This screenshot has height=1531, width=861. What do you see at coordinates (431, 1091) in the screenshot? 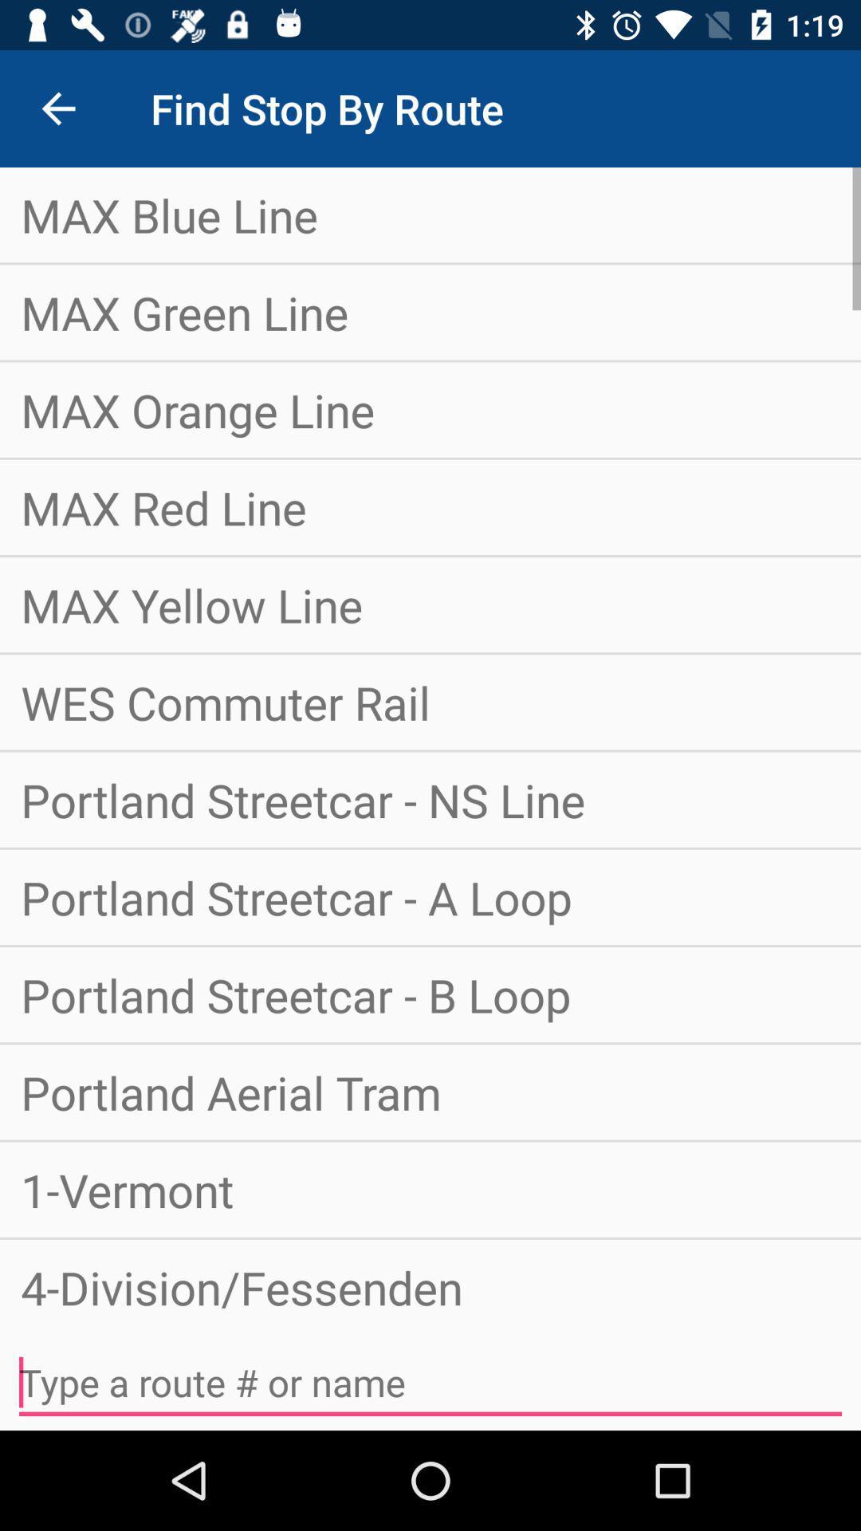
I see `portland aerial tram icon` at bounding box center [431, 1091].